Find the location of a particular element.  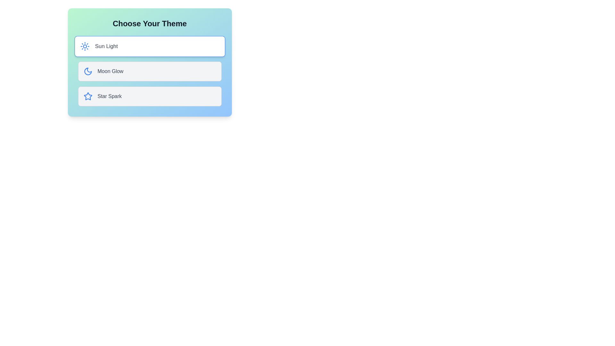

the 'Star Spark' theme icon located in the theme selection options, specifically the third option in the list, positioned between 'Moon Glow' and the bottom edge of the modal is located at coordinates (87, 96).